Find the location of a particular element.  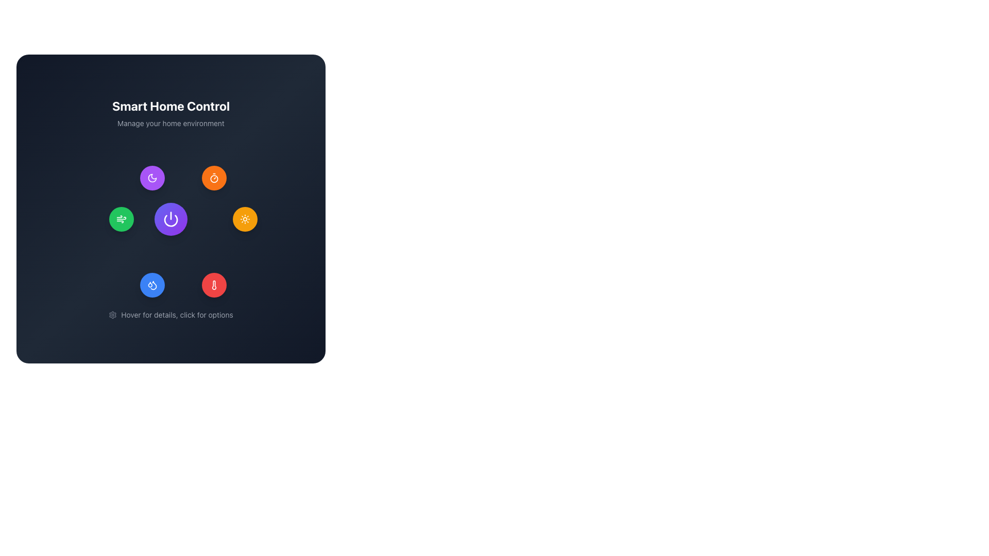

the circular button with a gradient from indigo to purple featuring a white power icon is located at coordinates (170, 218).